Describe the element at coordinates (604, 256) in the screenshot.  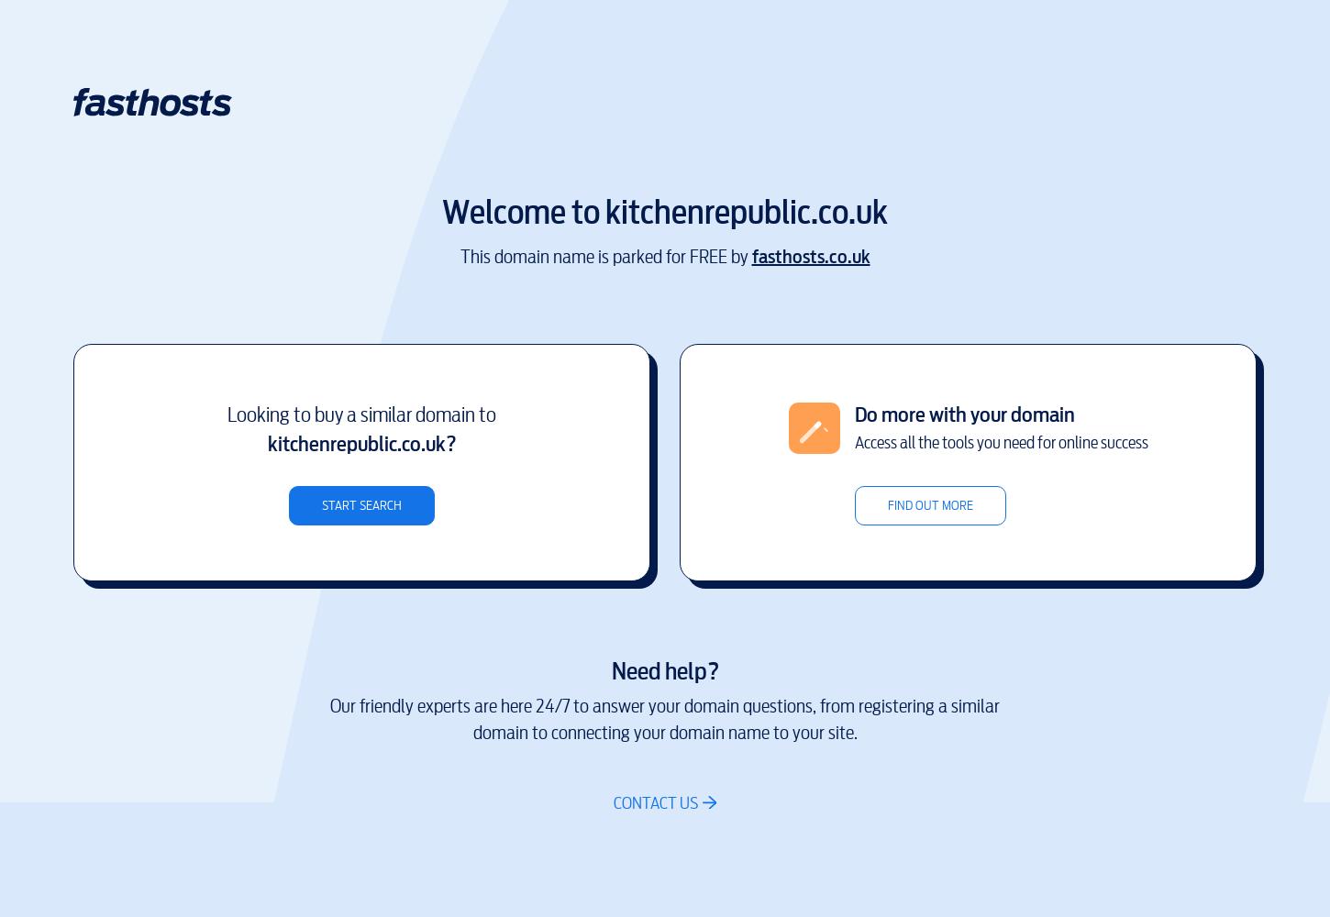
I see `'This domain name is parked for FREE by'` at that location.